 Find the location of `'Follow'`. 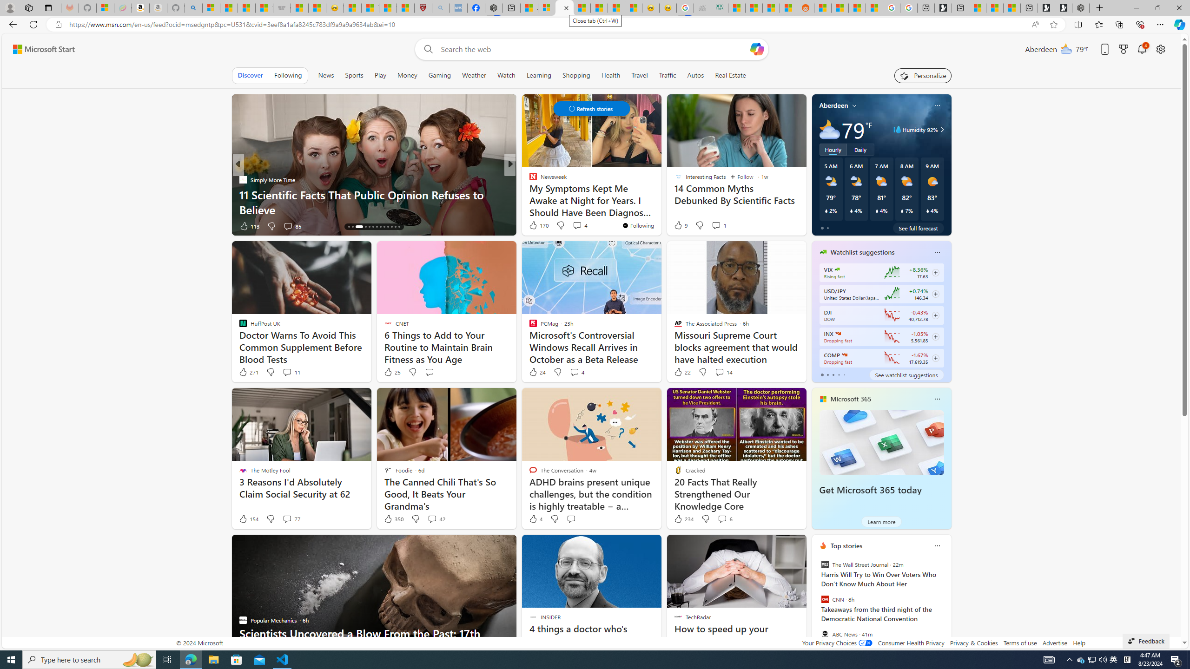

'Follow' is located at coordinates (741, 176).